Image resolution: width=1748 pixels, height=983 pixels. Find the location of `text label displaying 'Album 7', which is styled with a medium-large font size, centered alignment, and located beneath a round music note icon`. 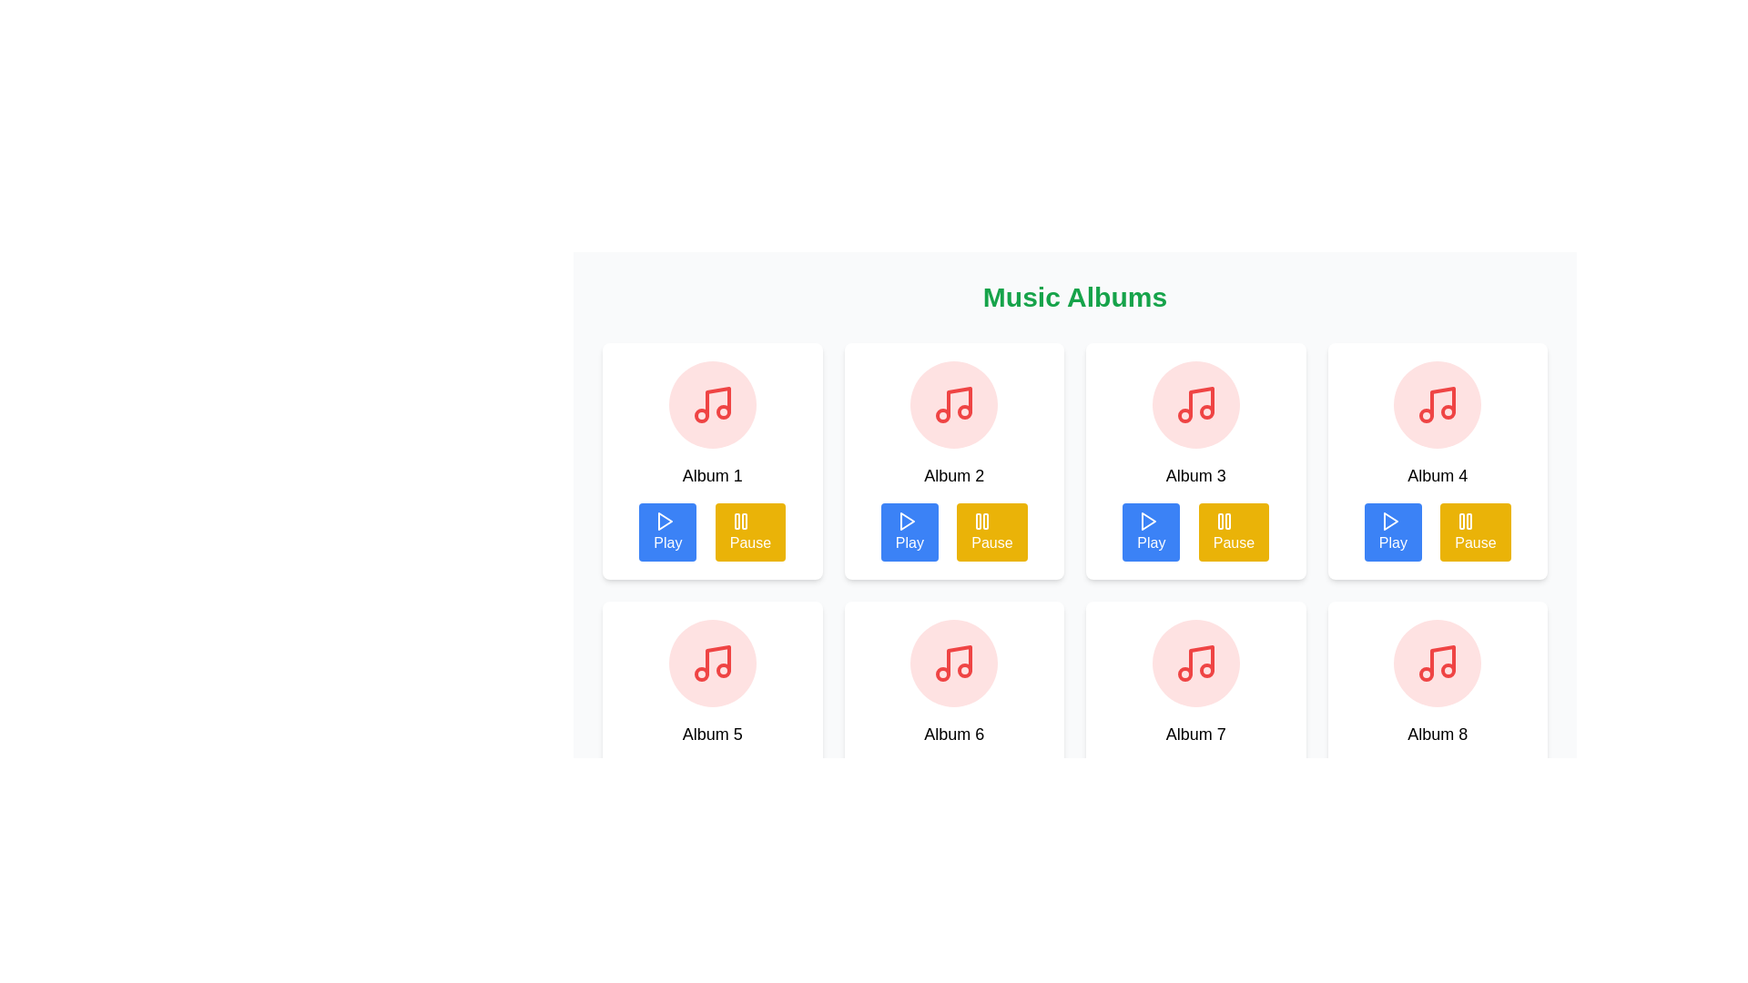

text label displaying 'Album 7', which is styled with a medium-large font size, centered alignment, and located beneath a round music note icon is located at coordinates (1195, 733).